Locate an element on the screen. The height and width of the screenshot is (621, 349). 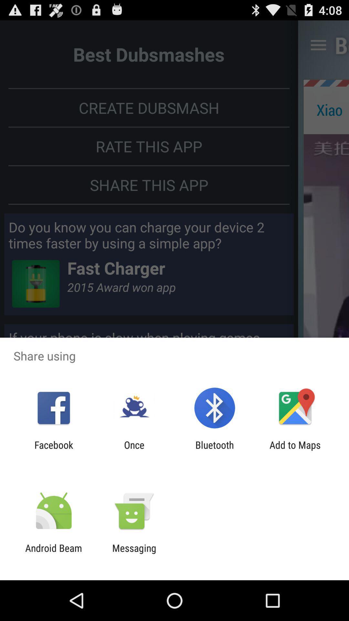
item next to the add to maps is located at coordinates (215, 450).